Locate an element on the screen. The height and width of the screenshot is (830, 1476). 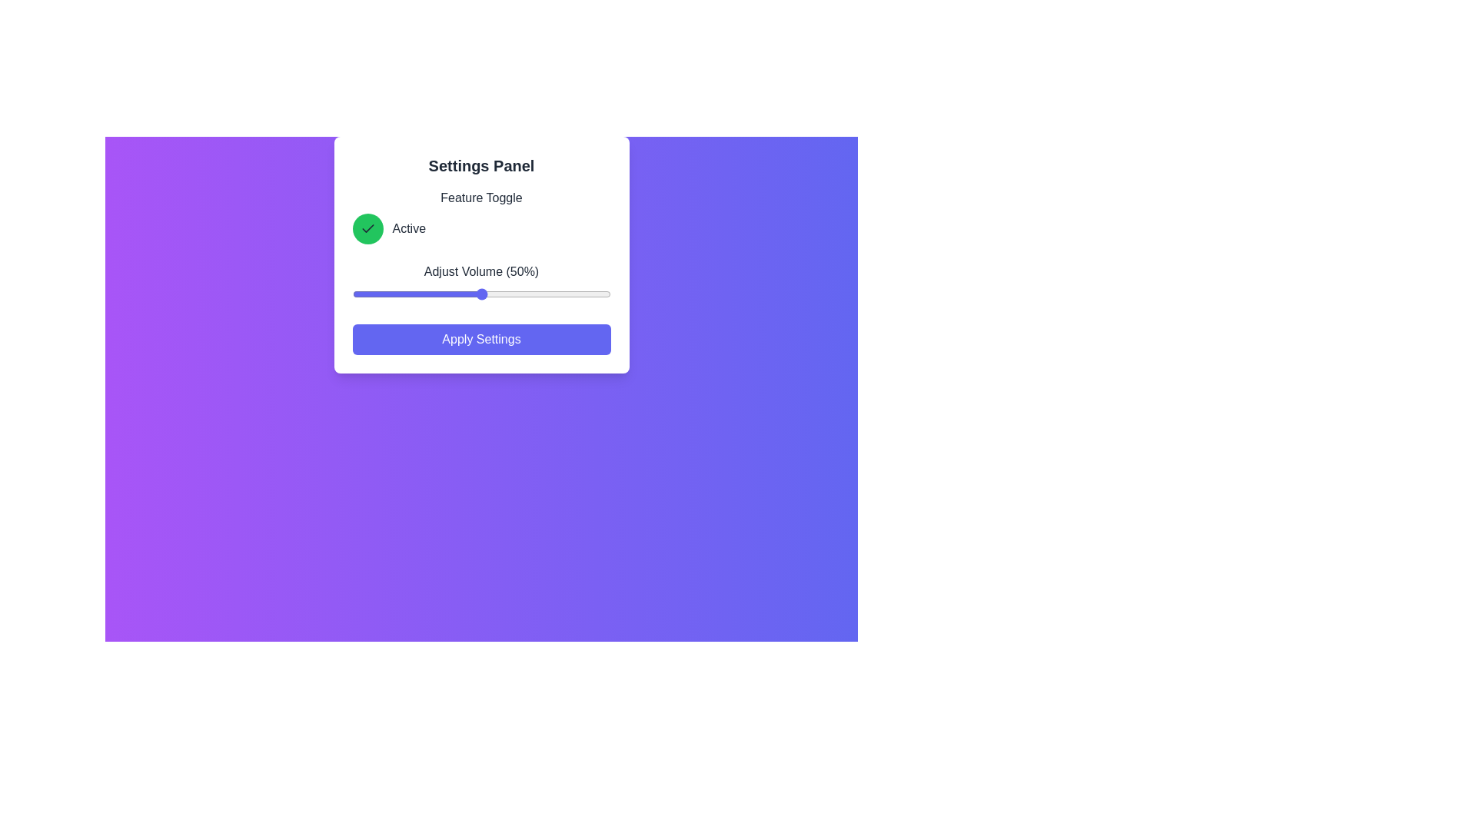
the volume is located at coordinates (457, 294).